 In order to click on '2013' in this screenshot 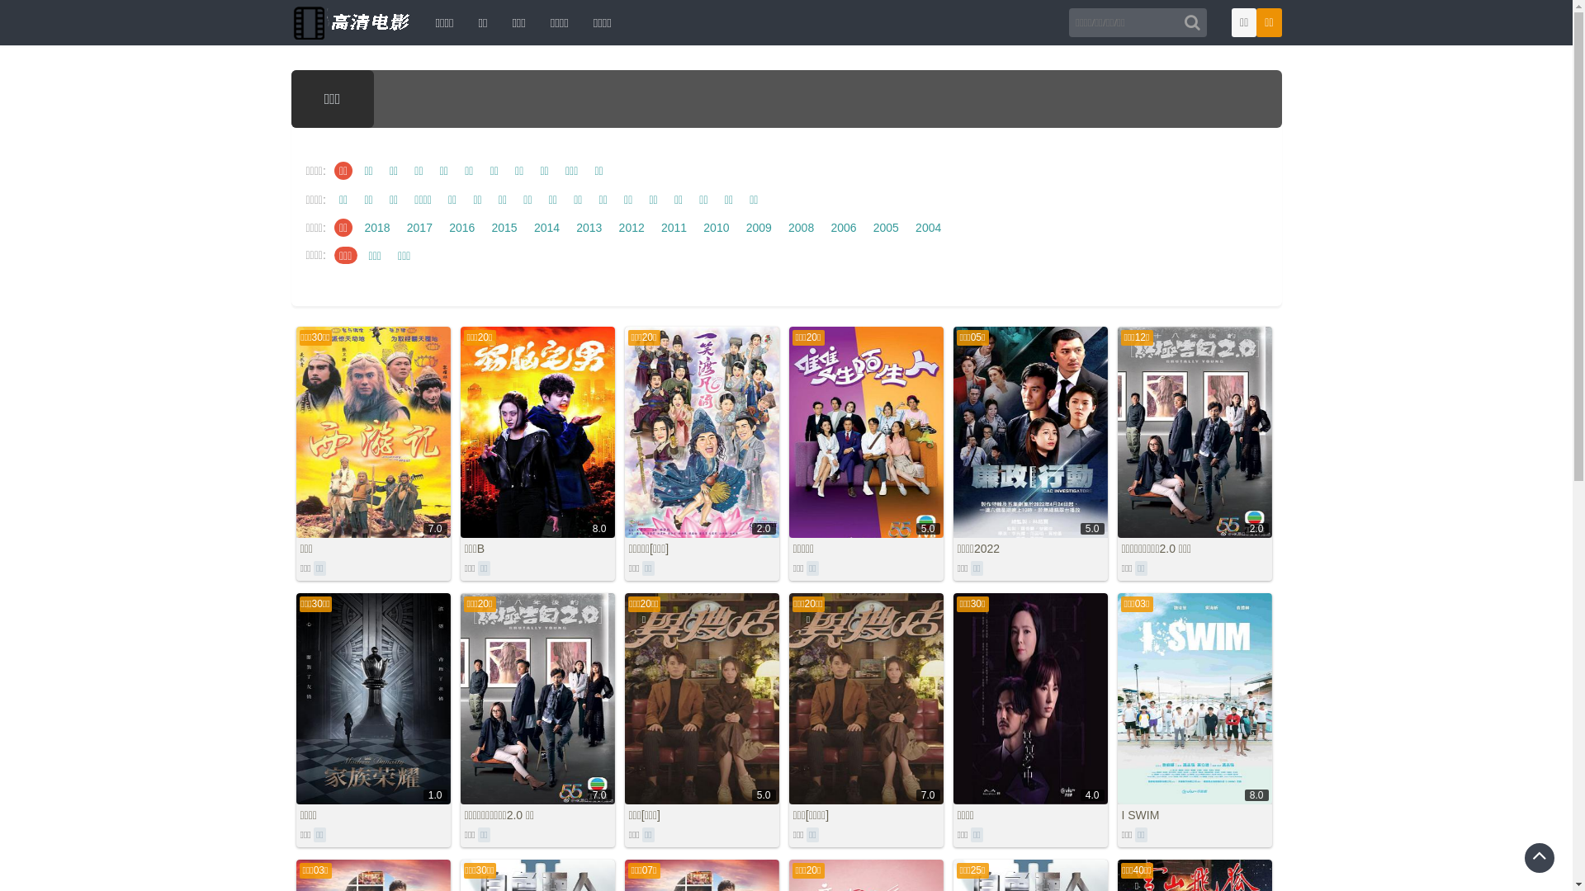, I will do `click(570, 228)`.